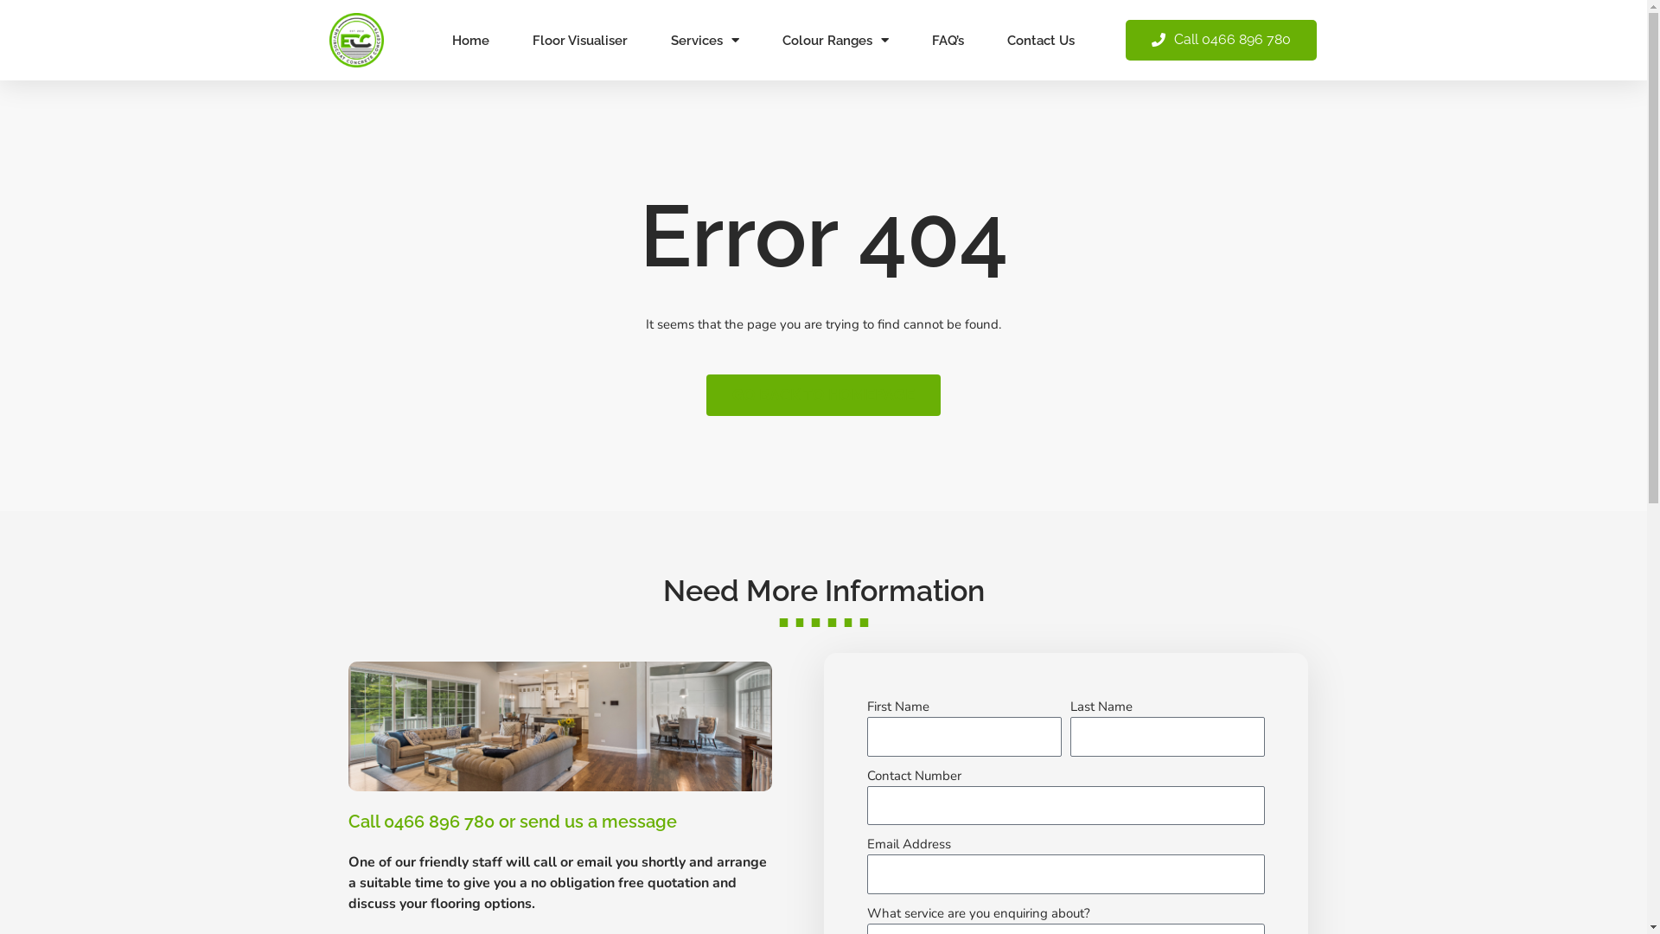 The image size is (1660, 934). What do you see at coordinates (1040, 39) in the screenshot?
I see `'Contact Us'` at bounding box center [1040, 39].